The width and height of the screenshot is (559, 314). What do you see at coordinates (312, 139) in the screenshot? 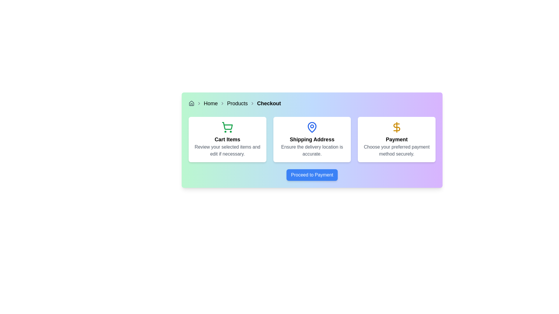
I see `the Informational card that reviews or confirms the shipping address, positioned between the 'Cart Items' card and the 'Payment' card in the grid layout` at bounding box center [312, 139].